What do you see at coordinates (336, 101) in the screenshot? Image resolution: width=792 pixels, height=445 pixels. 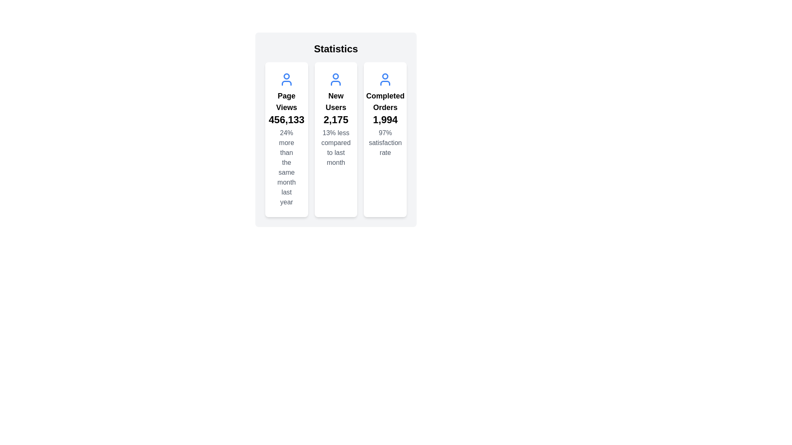 I see `text label that contains the phrase 'New Users', which is prominently displayed in bold and larger font in black color, located in the central card of a three-column layout` at bounding box center [336, 101].